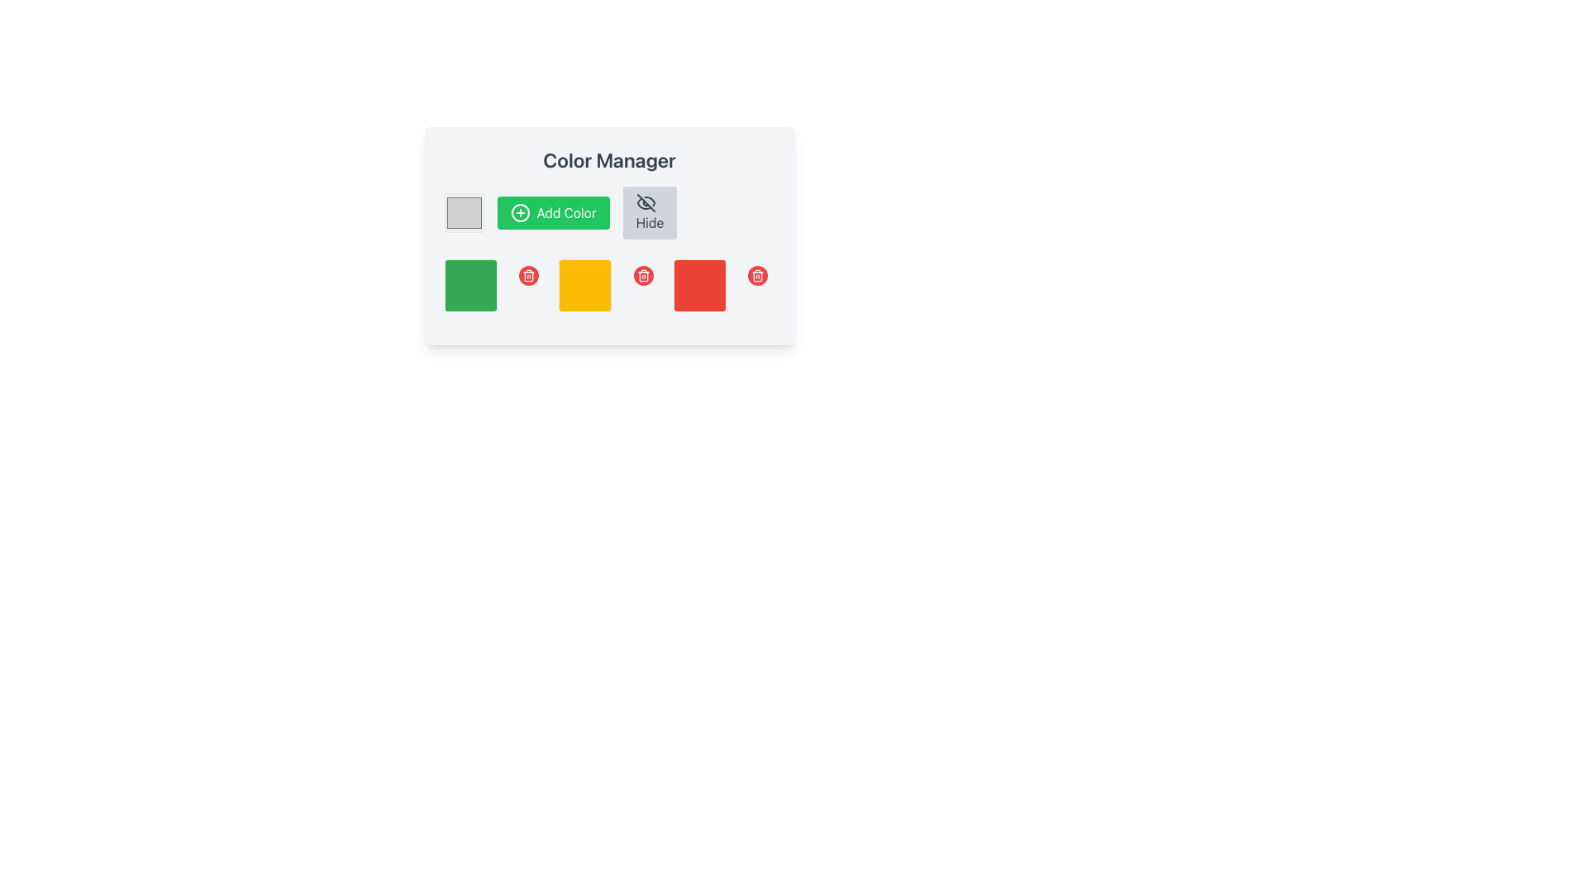 The image size is (1587, 892). I want to click on the red square block with rounded corners located in the bottom-right corner of the second row, so click(724, 285).